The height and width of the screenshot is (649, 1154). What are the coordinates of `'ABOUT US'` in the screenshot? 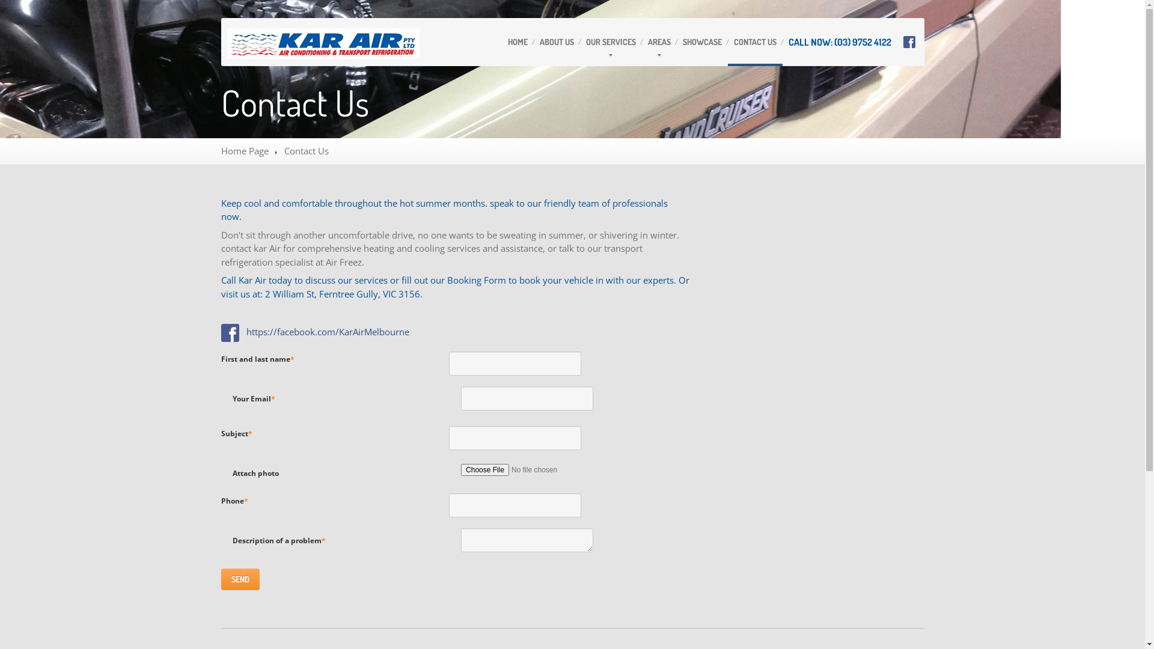 It's located at (556, 41).